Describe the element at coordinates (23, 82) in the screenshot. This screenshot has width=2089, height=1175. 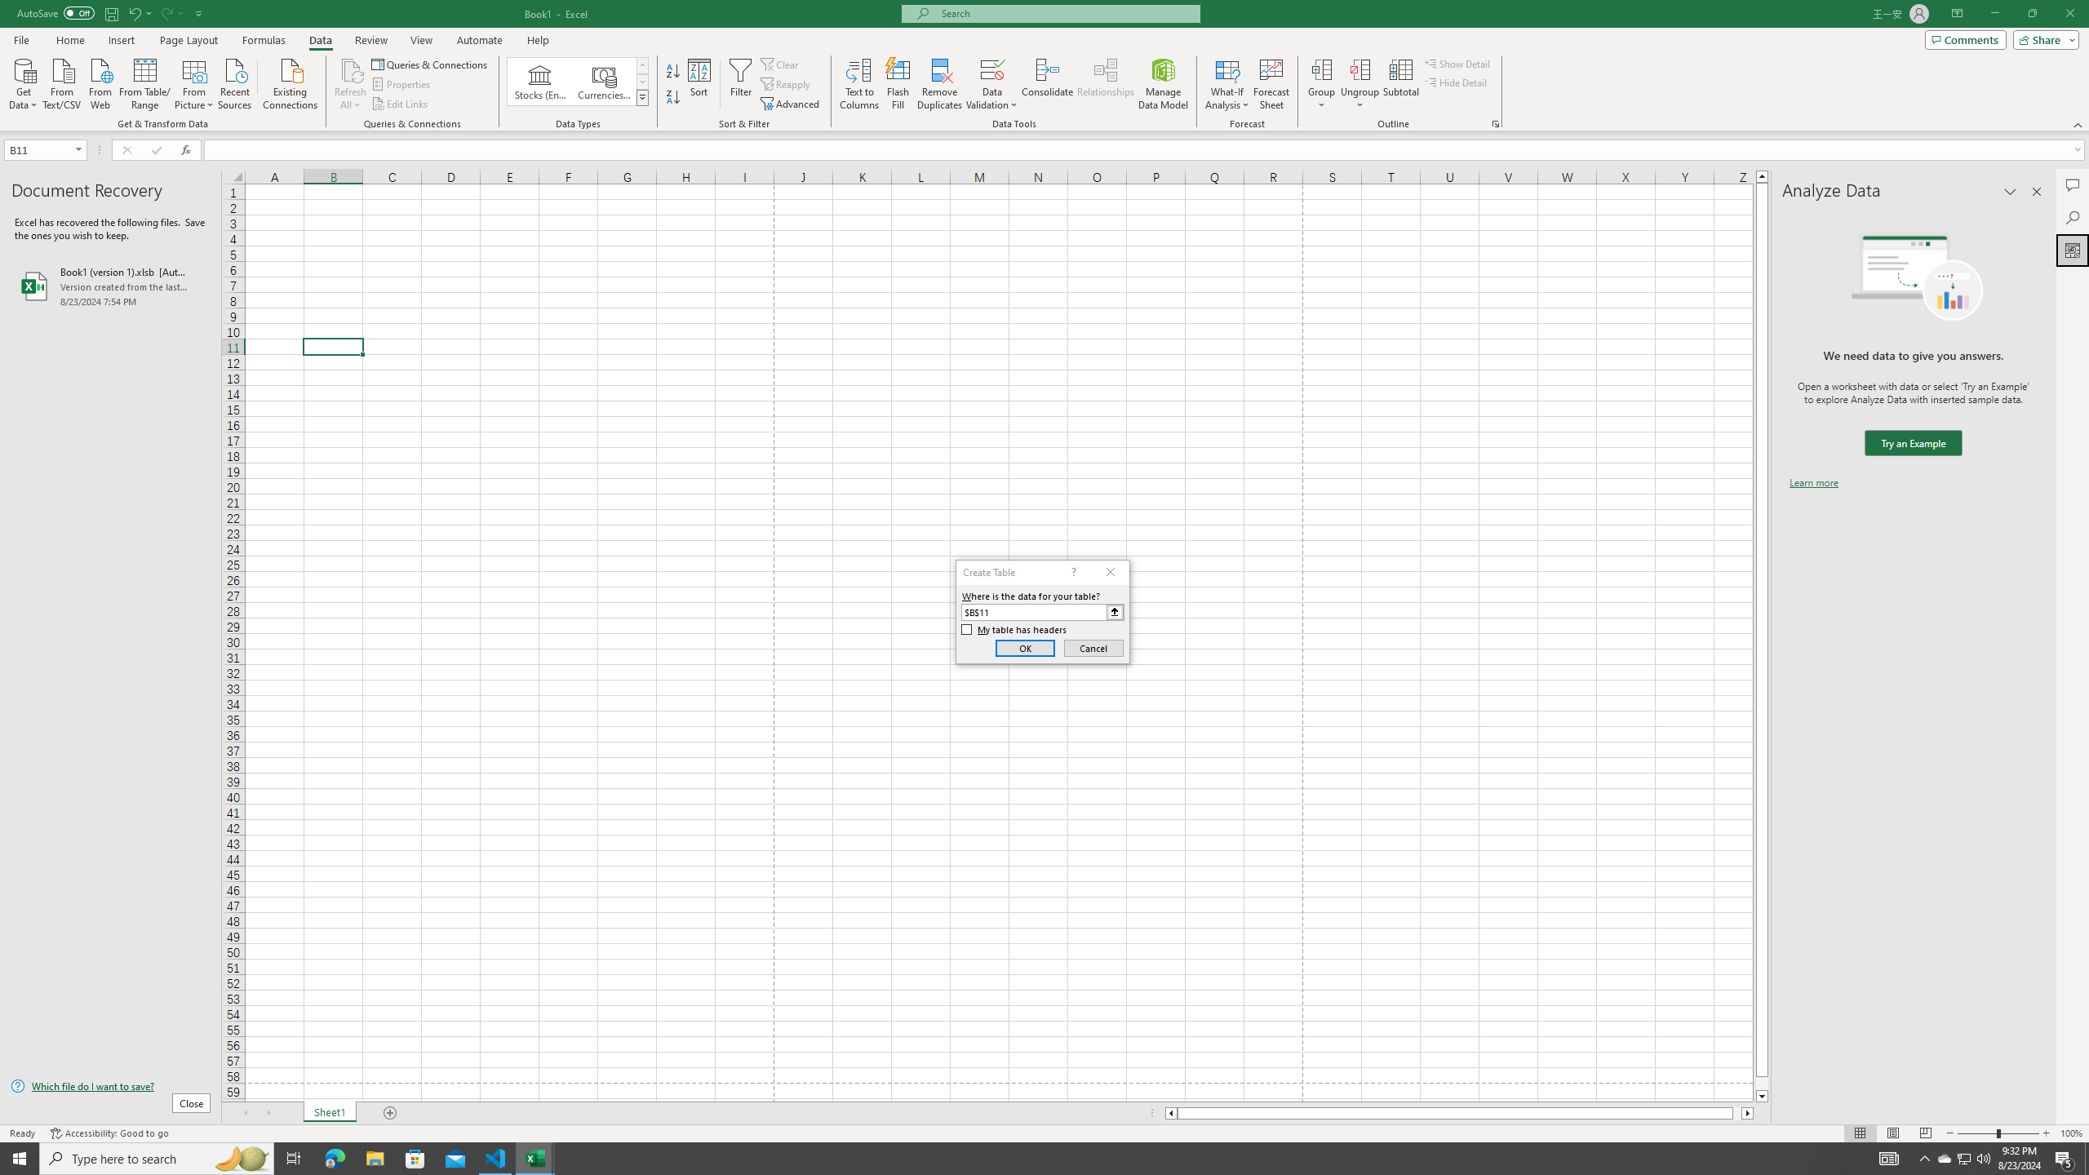
I see `'Get Data'` at that location.